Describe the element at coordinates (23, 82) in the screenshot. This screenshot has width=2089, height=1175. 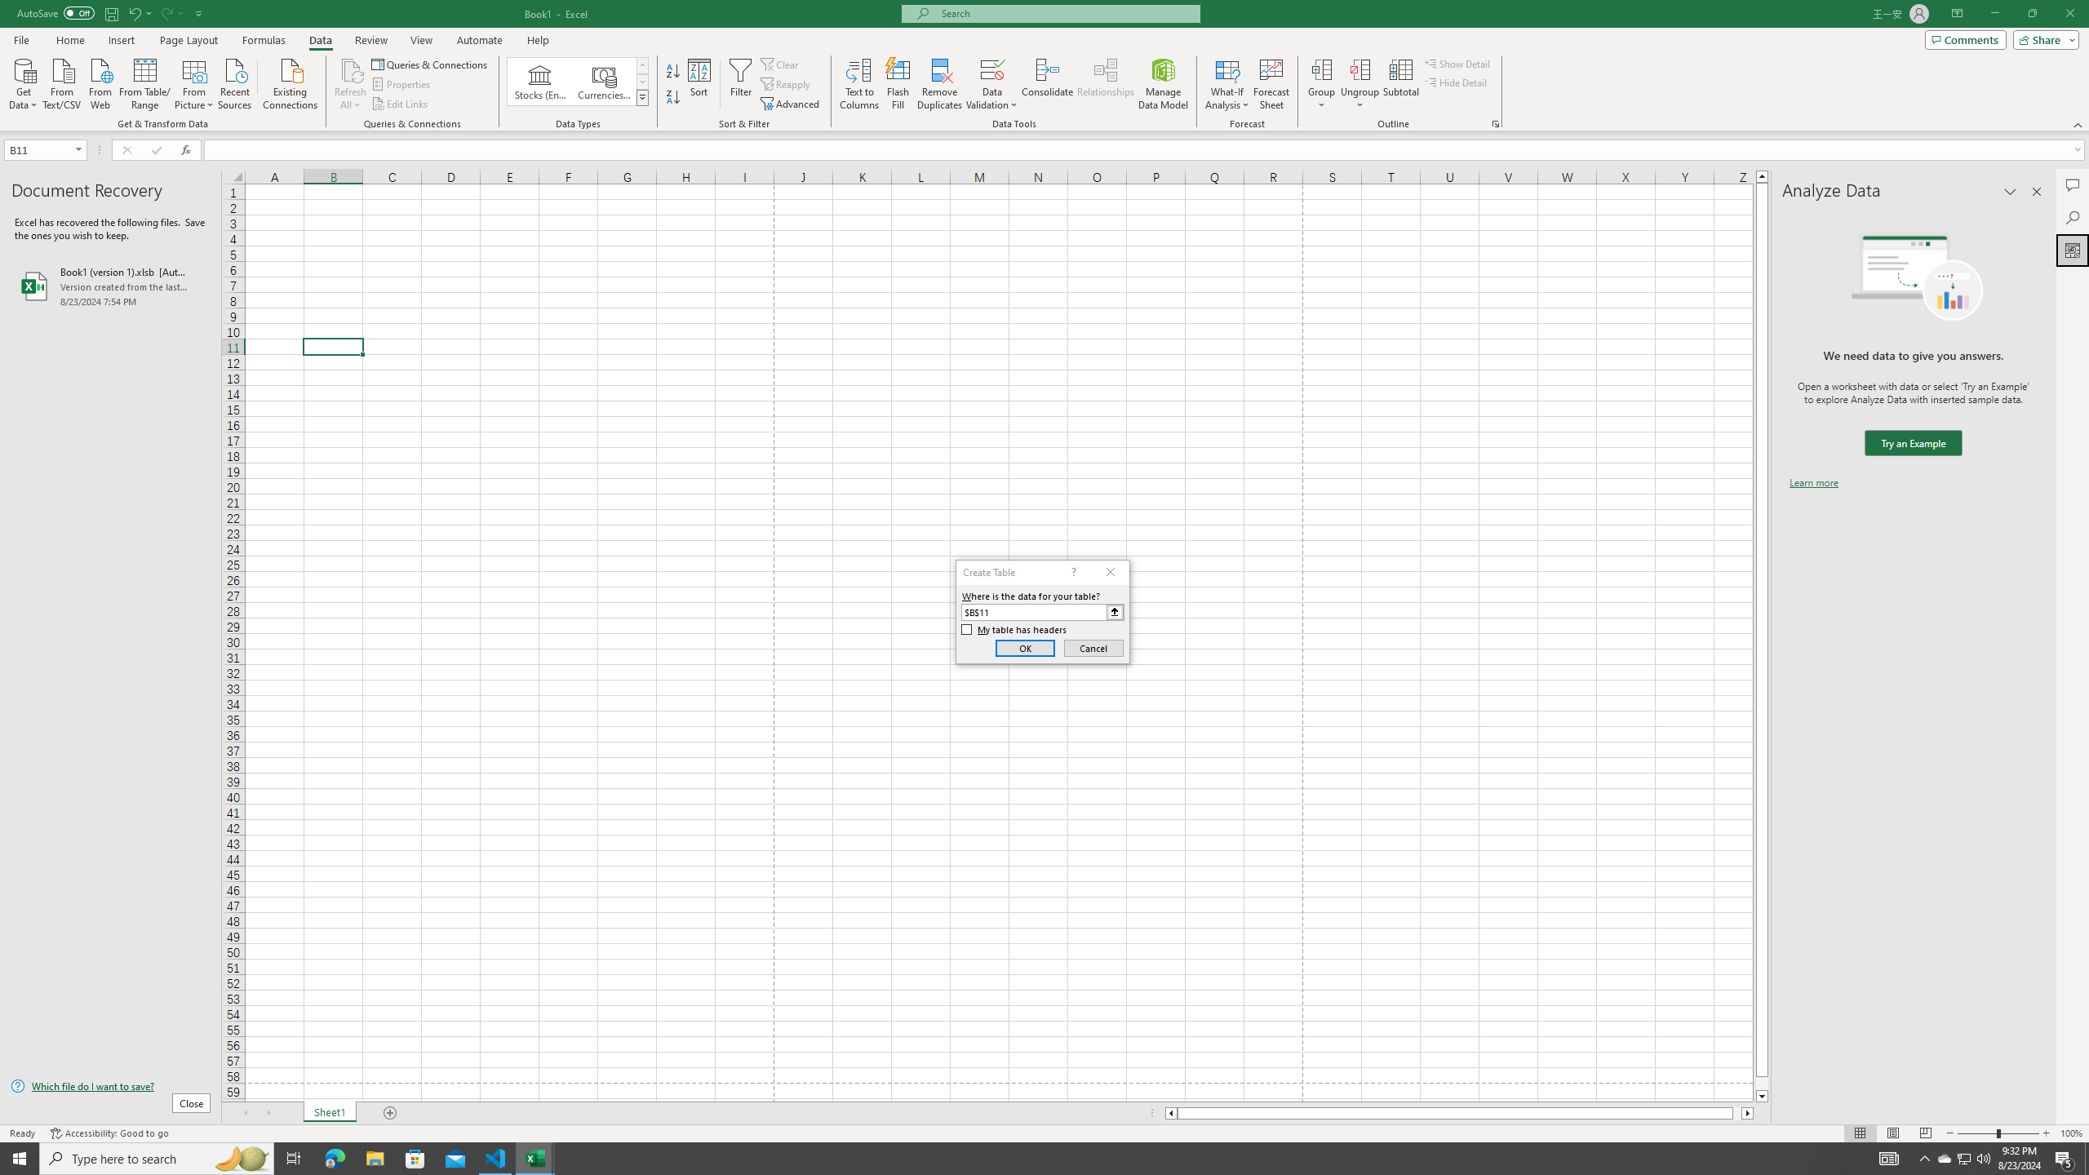
I see `'Get Data'` at that location.